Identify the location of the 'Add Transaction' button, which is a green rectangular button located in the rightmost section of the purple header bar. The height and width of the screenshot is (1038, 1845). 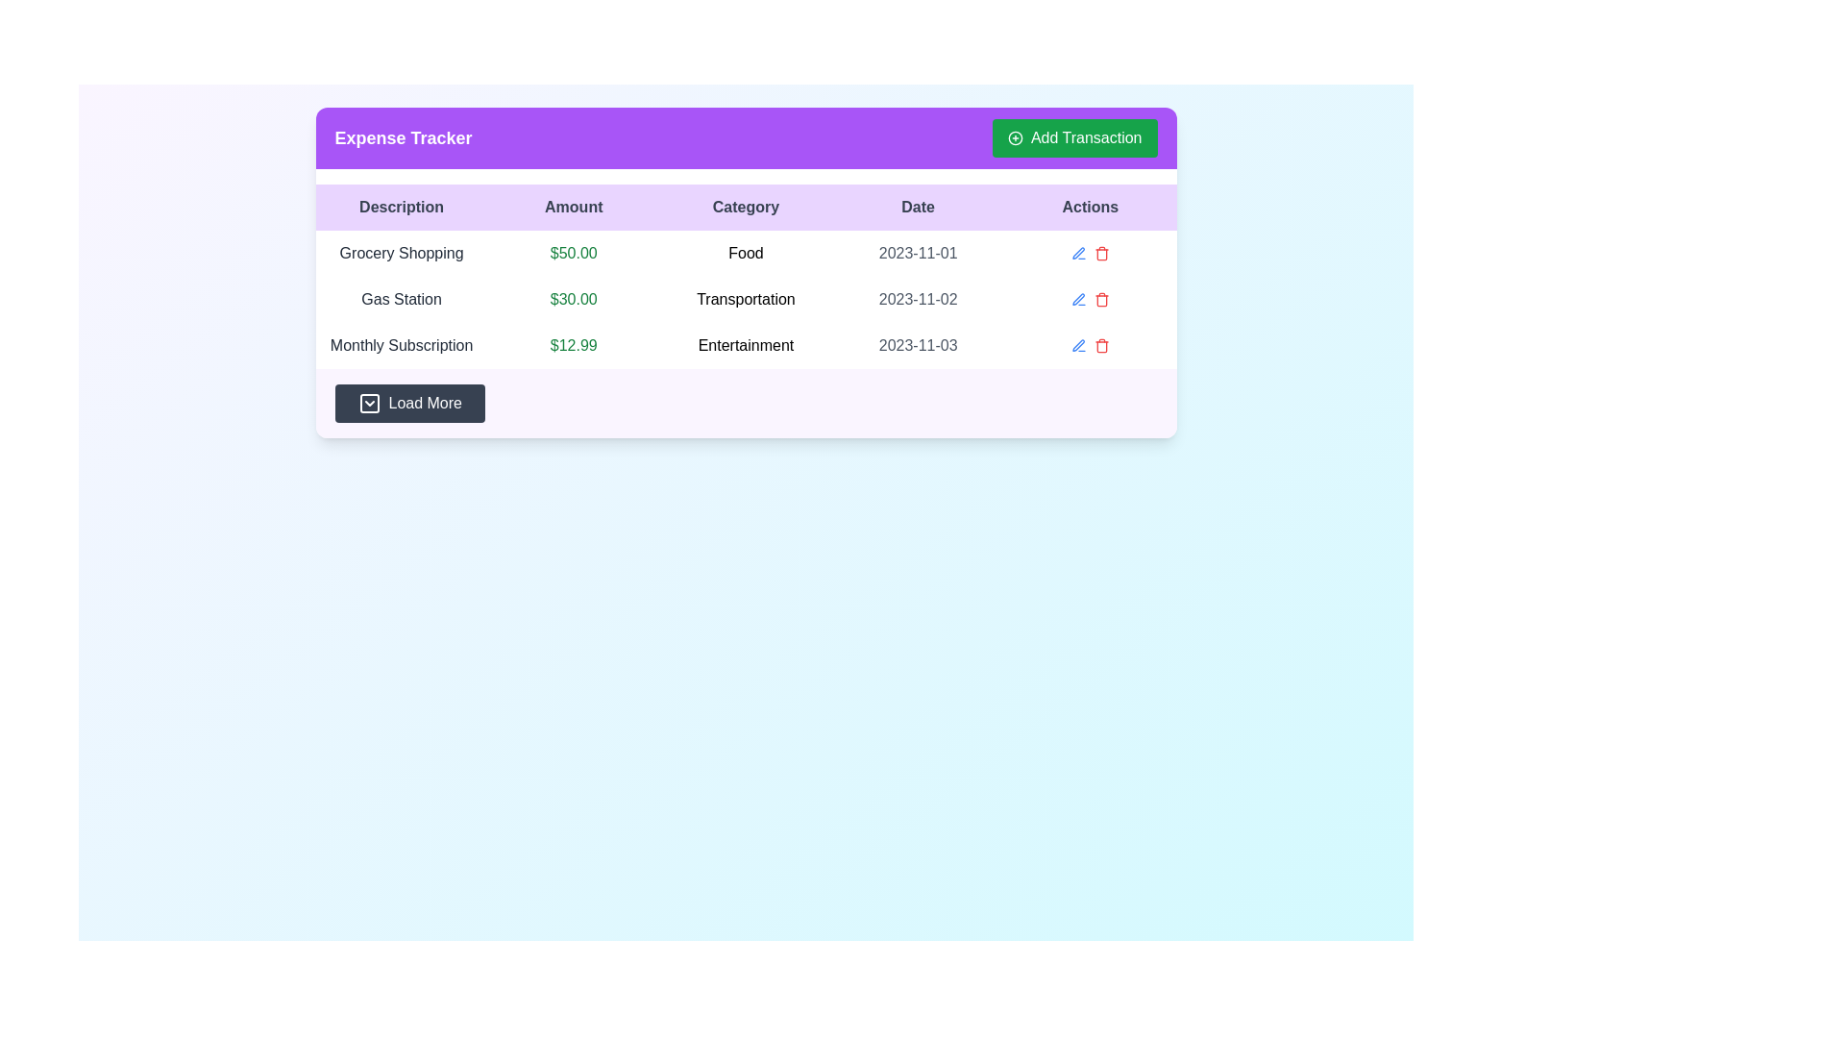
(1073, 136).